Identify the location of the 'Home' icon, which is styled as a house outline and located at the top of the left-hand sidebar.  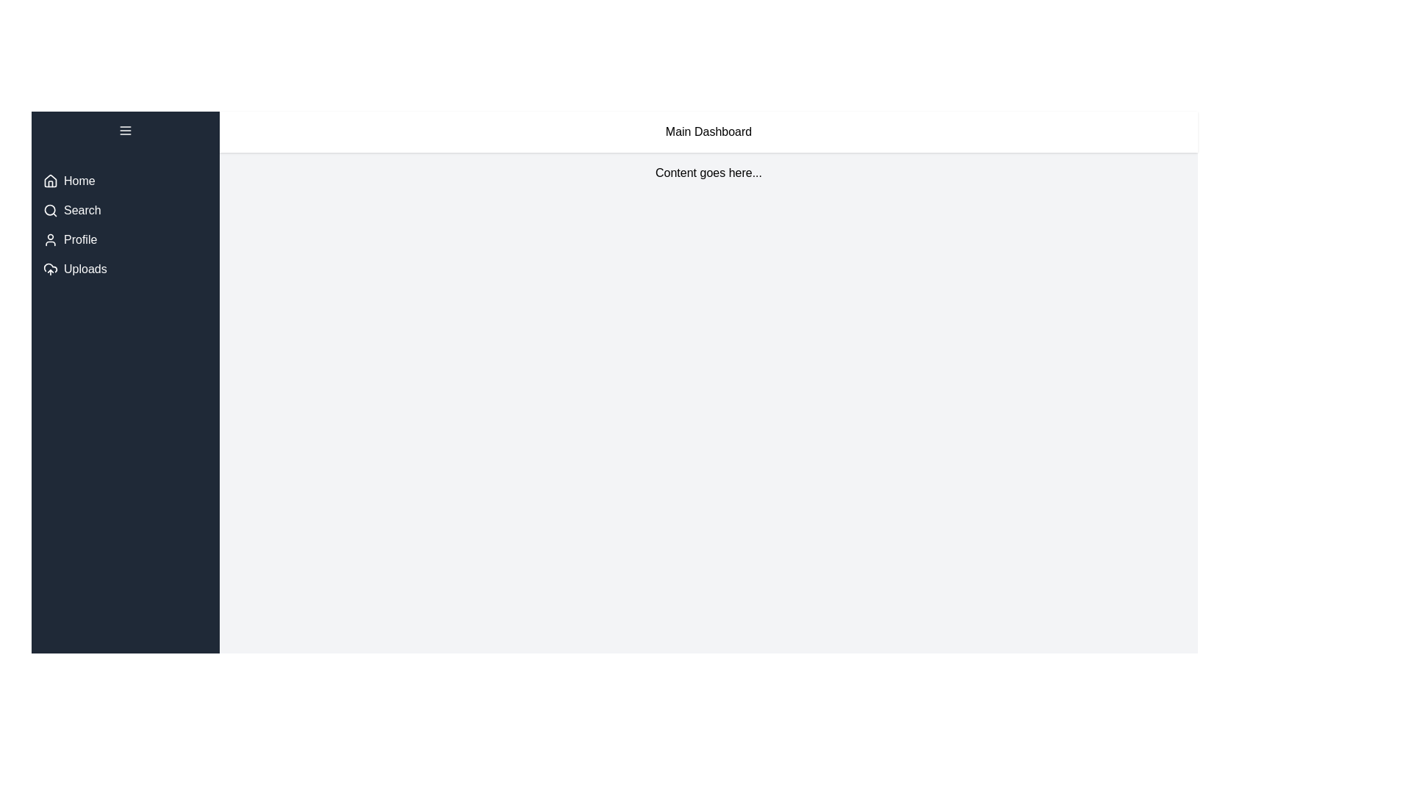
(50, 180).